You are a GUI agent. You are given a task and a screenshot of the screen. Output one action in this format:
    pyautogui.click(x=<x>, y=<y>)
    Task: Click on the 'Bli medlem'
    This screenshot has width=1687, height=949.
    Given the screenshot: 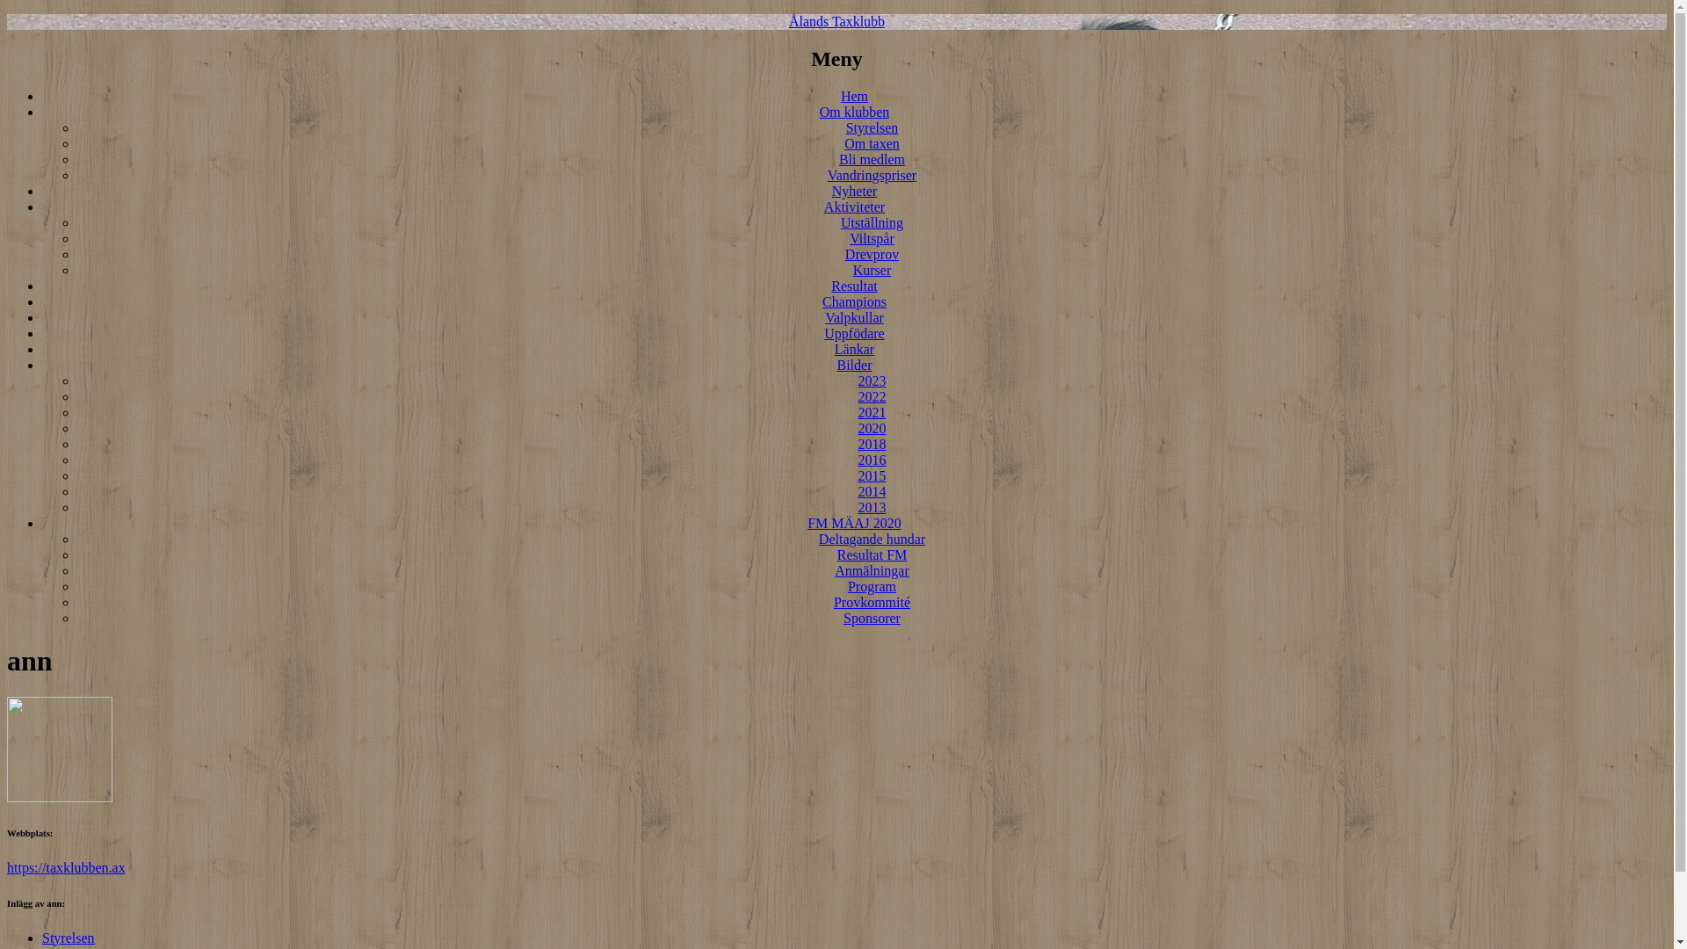 What is the action you would take?
    pyautogui.click(x=872, y=159)
    